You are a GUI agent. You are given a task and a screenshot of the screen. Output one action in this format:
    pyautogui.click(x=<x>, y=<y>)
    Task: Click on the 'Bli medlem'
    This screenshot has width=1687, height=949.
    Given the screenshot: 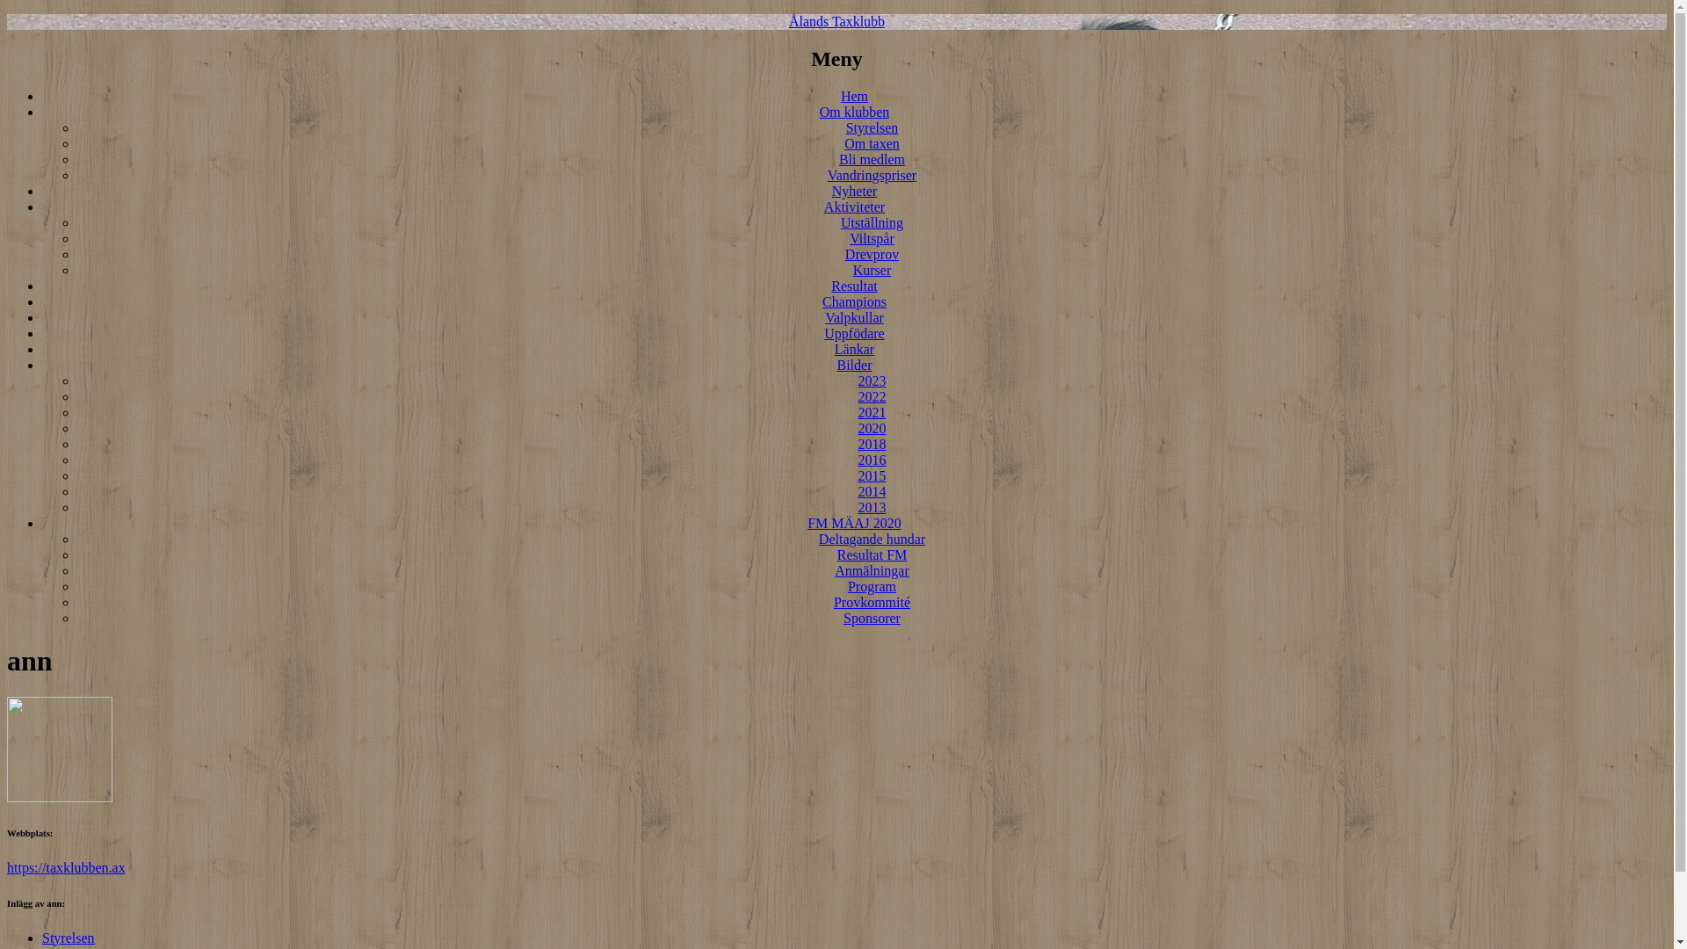 What is the action you would take?
    pyautogui.click(x=872, y=159)
    